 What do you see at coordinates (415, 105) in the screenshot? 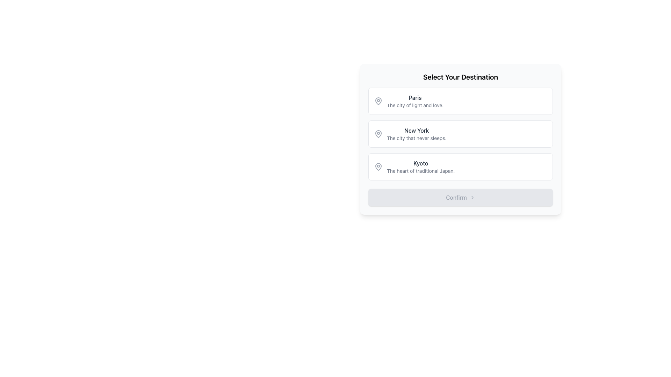
I see `the static text label that provides additional descriptive information for the 'Paris' selection option, positioned below the text 'Paris.'` at bounding box center [415, 105].